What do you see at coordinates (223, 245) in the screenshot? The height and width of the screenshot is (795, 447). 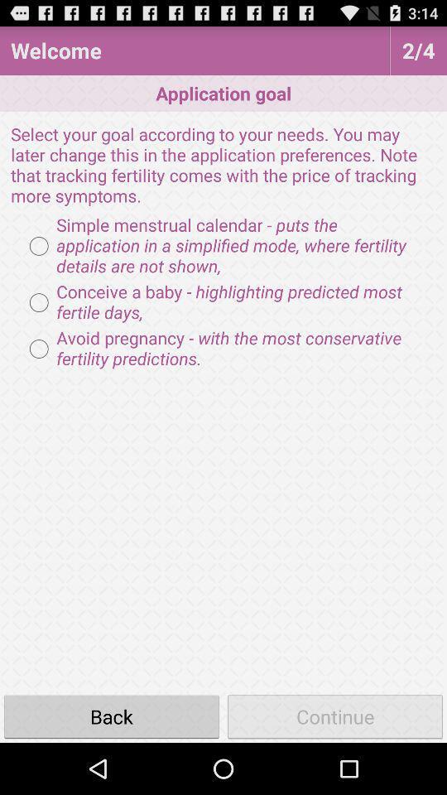 I see `item above the conceive a baby radio button` at bounding box center [223, 245].